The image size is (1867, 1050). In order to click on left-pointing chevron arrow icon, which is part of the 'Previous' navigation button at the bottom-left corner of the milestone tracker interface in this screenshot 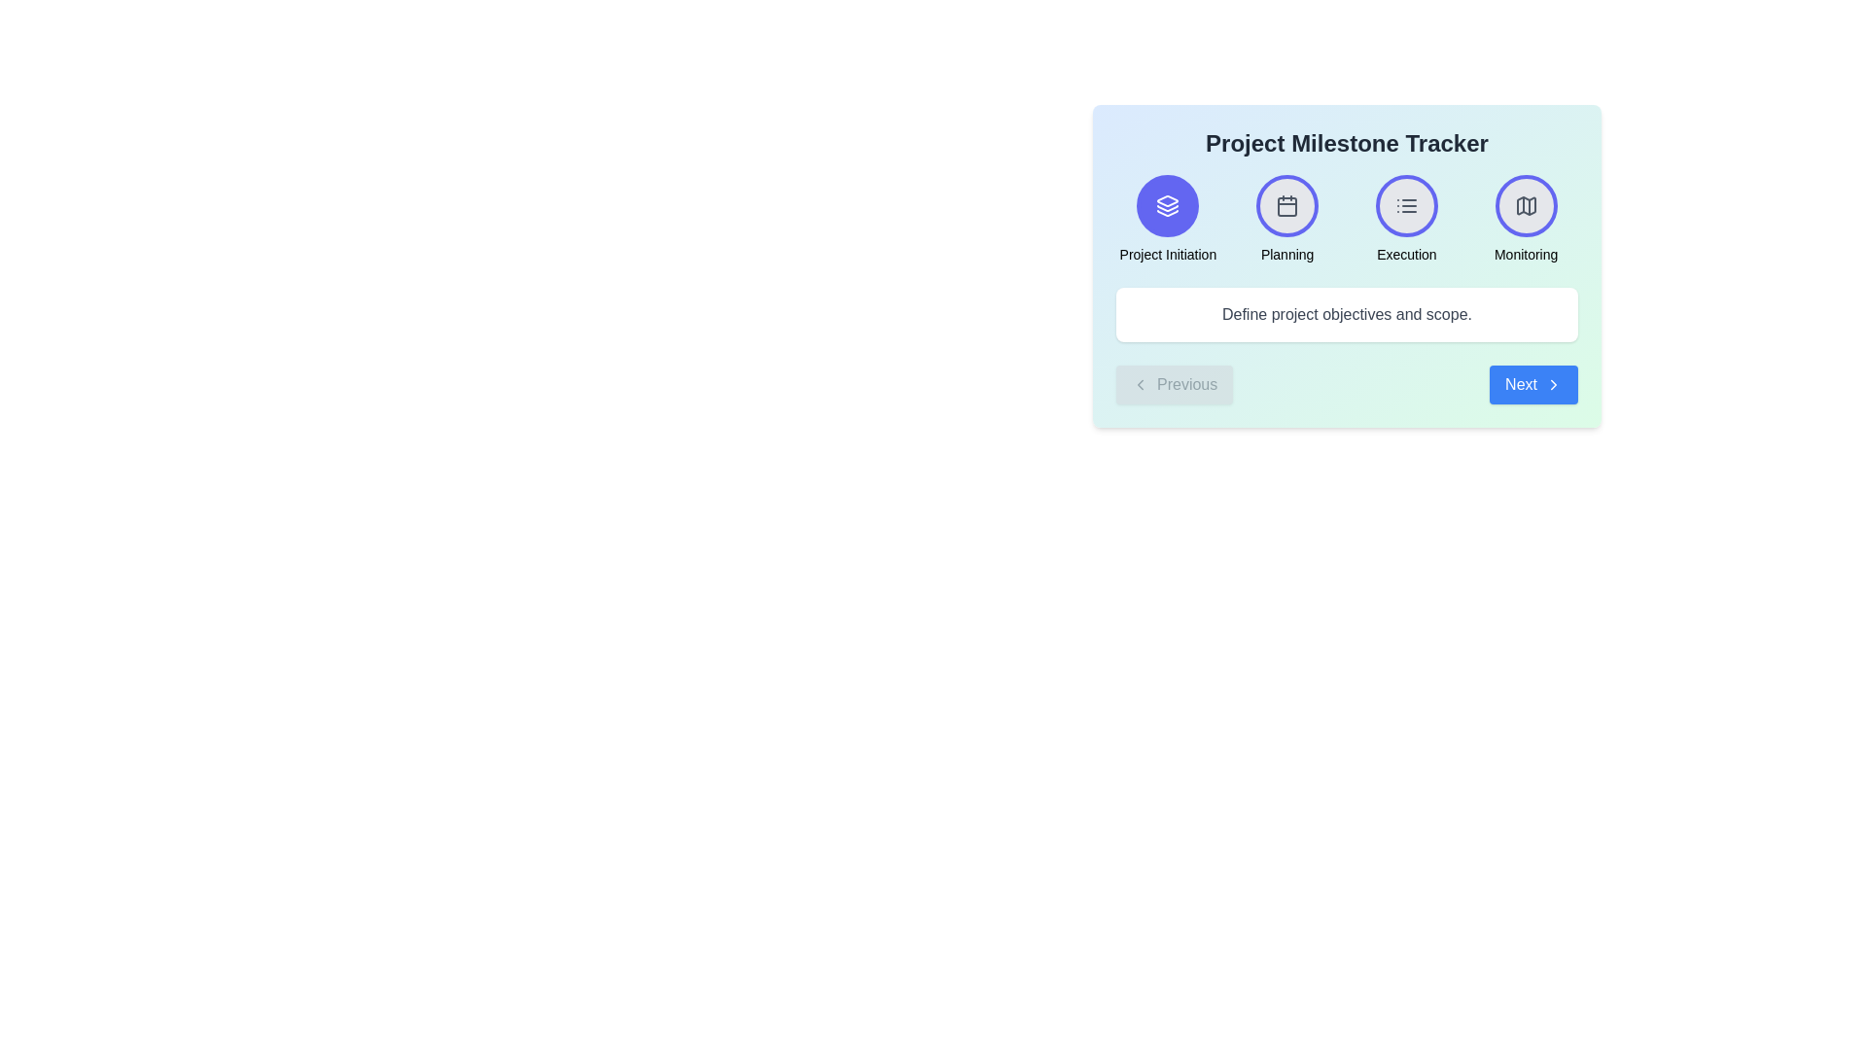, I will do `click(1140, 385)`.